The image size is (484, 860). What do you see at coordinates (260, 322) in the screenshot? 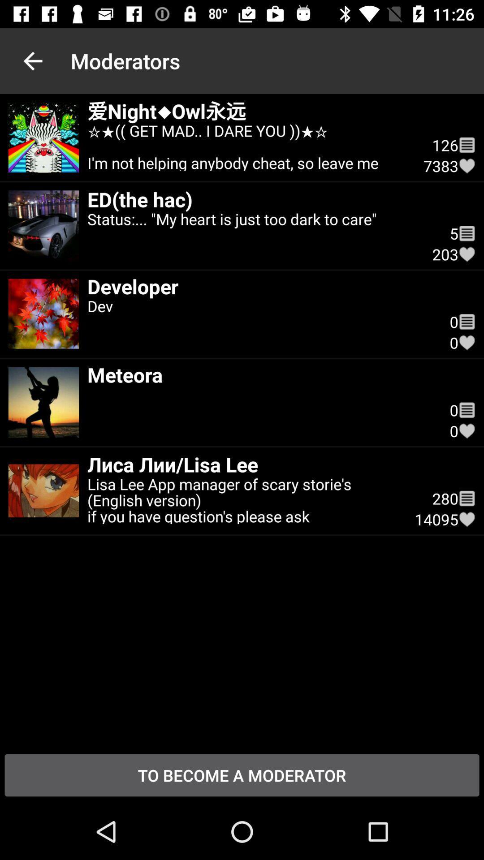
I see `item below the 203` at bounding box center [260, 322].